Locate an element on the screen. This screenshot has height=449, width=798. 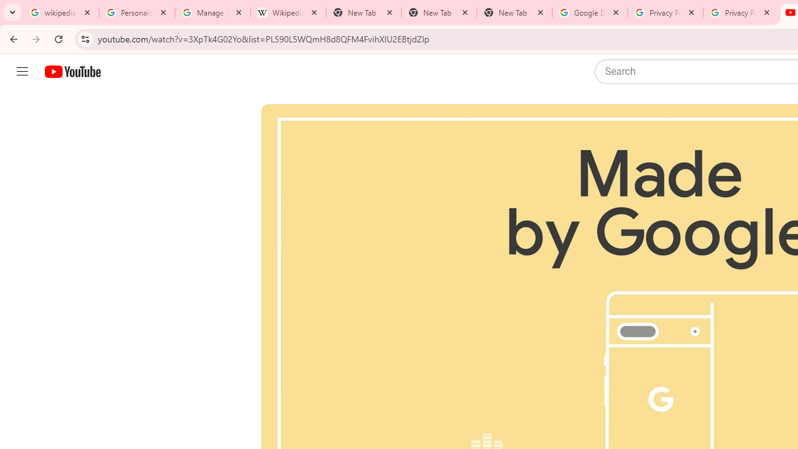
'YouTube Home' is located at coordinates (72, 72).